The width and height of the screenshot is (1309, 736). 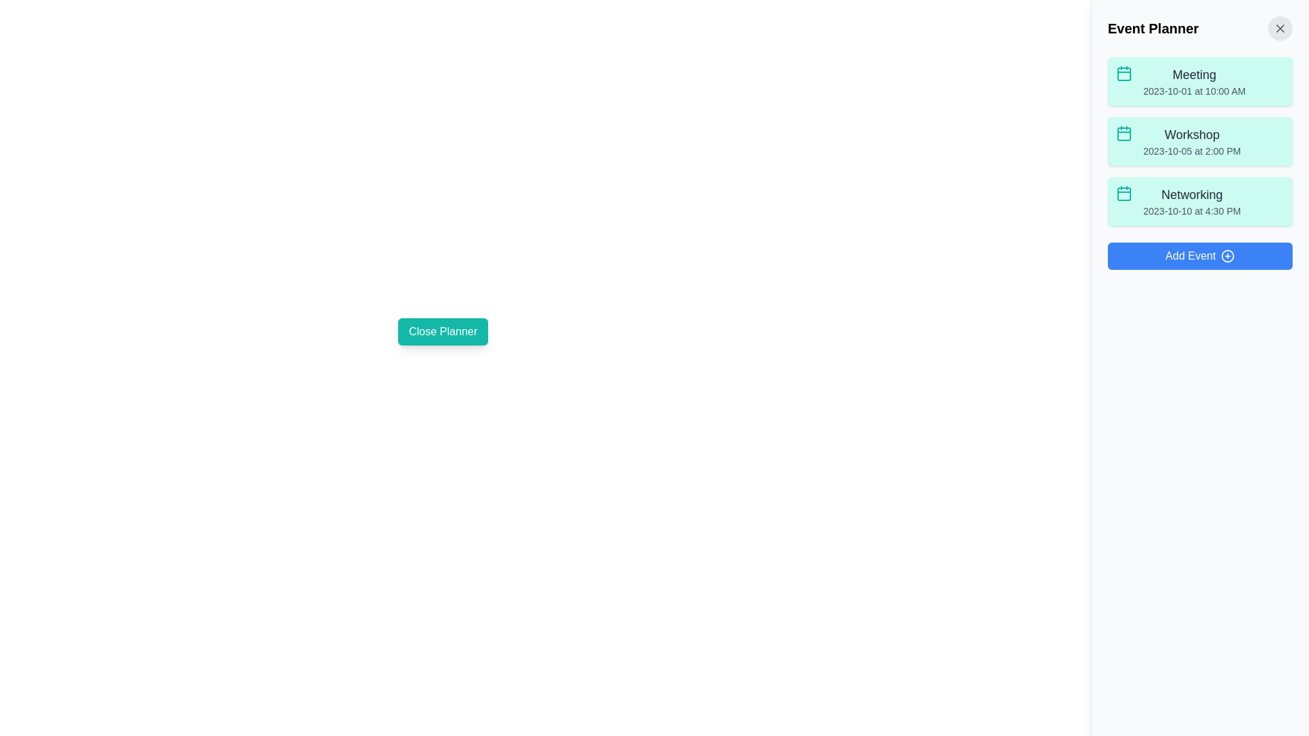 What do you see at coordinates (1191, 134) in the screenshot?
I see `the 'Workshop' title label for the second event item in the 'Event Planner' sidebar` at bounding box center [1191, 134].